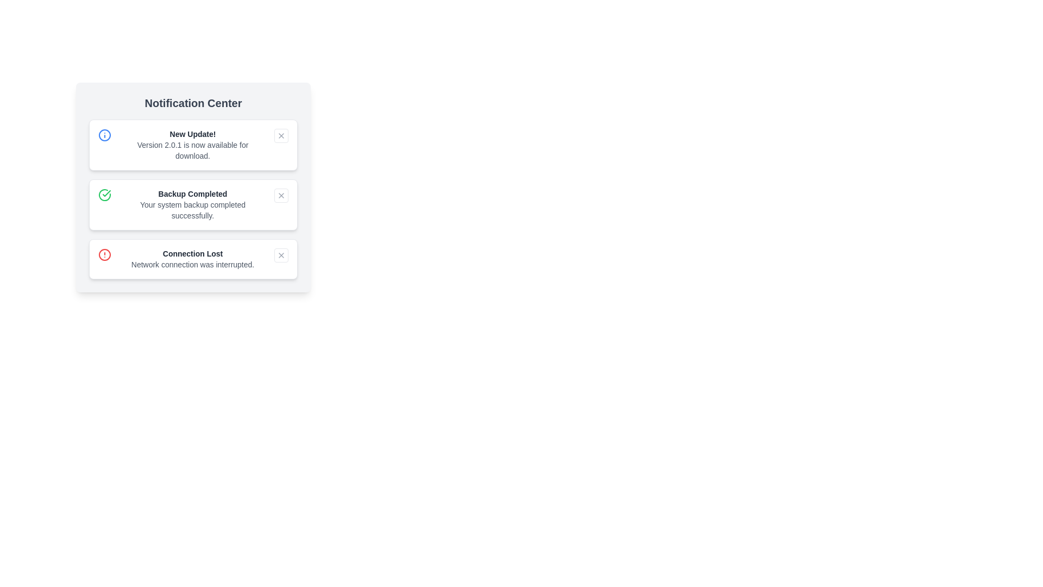 Image resolution: width=1043 pixels, height=587 pixels. What do you see at coordinates (281, 135) in the screenshot?
I see `the cross icon` at bounding box center [281, 135].